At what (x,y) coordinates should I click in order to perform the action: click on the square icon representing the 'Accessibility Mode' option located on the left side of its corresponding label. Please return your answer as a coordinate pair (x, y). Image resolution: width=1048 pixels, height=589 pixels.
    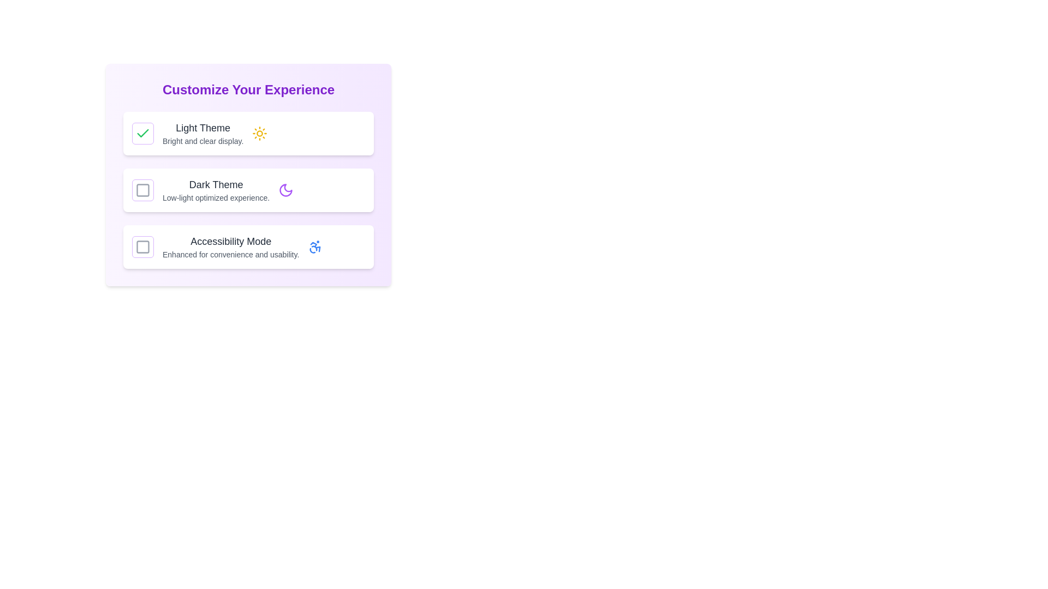
    Looking at the image, I should click on (142, 247).